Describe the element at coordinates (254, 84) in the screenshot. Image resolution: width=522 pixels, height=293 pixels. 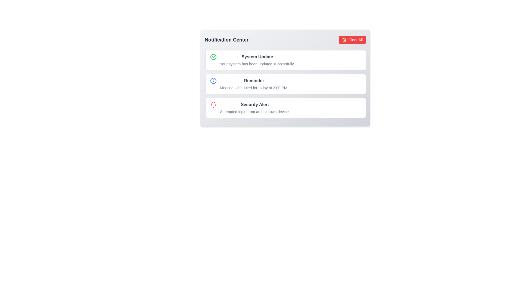
I see `text of the notification element that displays a reminder about a scheduled meeting, positioned as the second notification in the 'Notification Center'` at that location.